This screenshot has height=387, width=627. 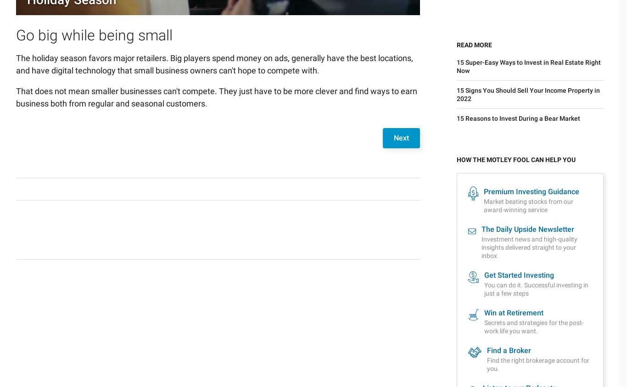 I want to click on 'Listen to our Podcasts', so click(x=519, y=179).